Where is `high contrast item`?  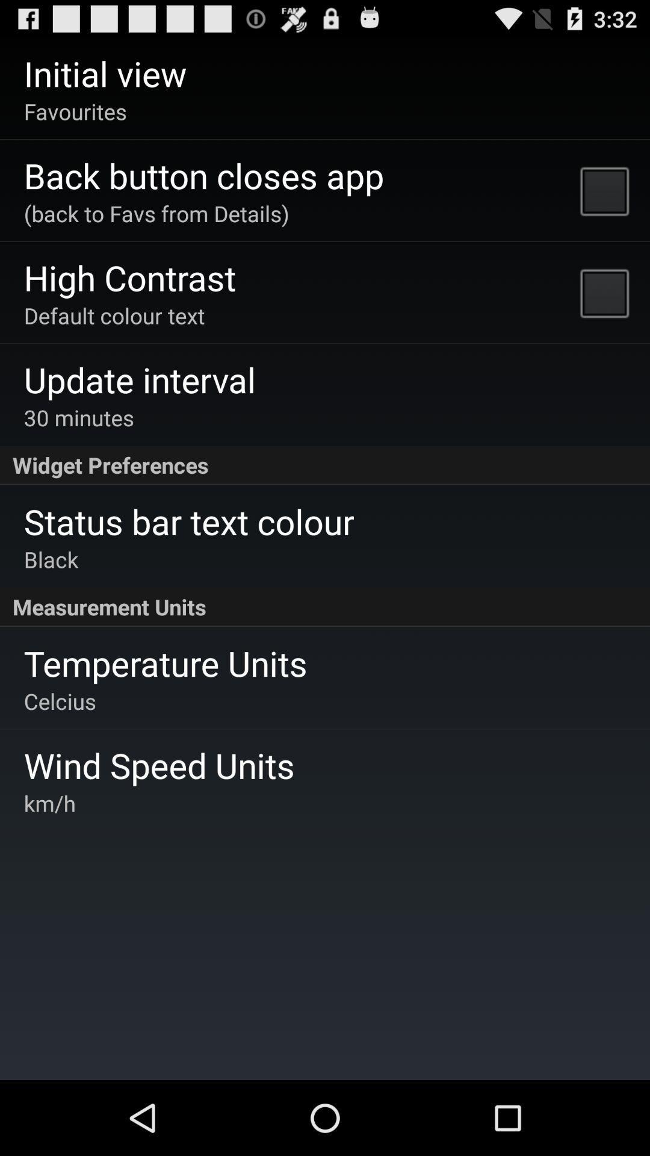
high contrast item is located at coordinates (130, 276).